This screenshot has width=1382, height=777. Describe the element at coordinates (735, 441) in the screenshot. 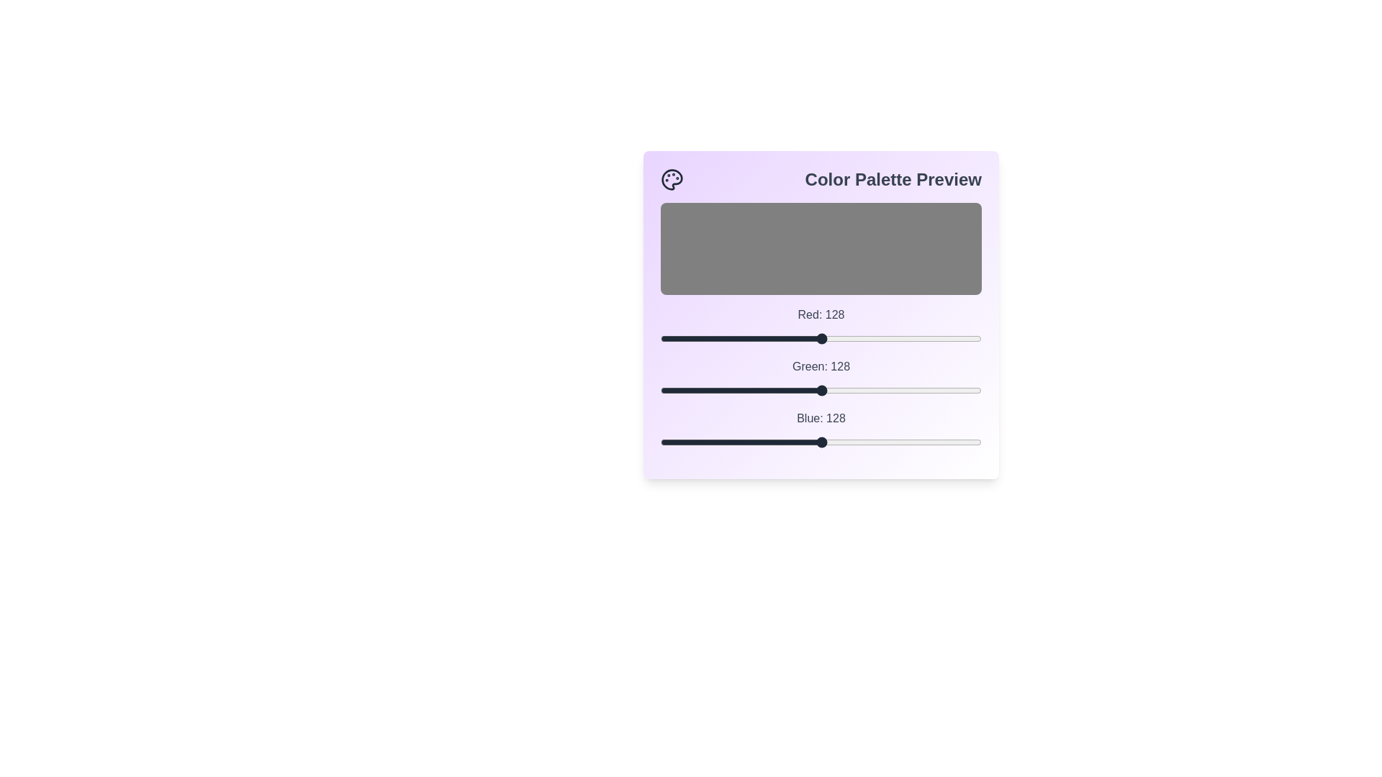

I see `the blue component` at that location.